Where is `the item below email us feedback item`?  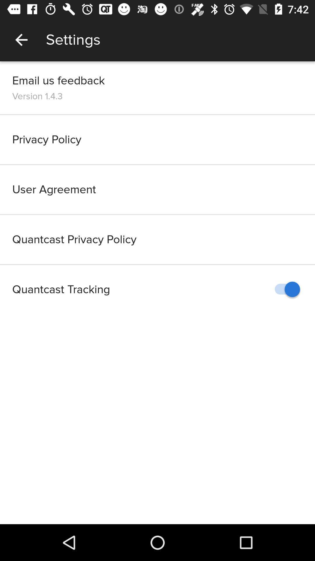
the item below email us feedback item is located at coordinates (37, 96).